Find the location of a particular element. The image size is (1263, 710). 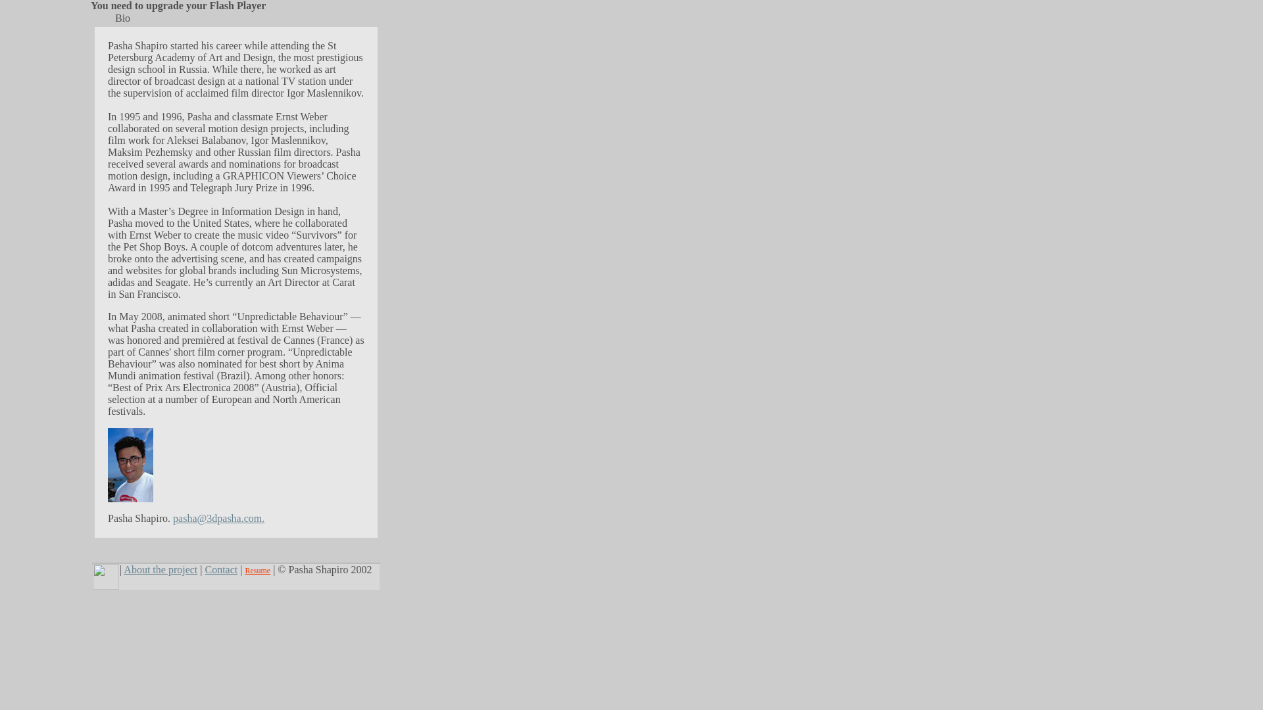

'pasha@3dpasha.com.' is located at coordinates (172, 517).